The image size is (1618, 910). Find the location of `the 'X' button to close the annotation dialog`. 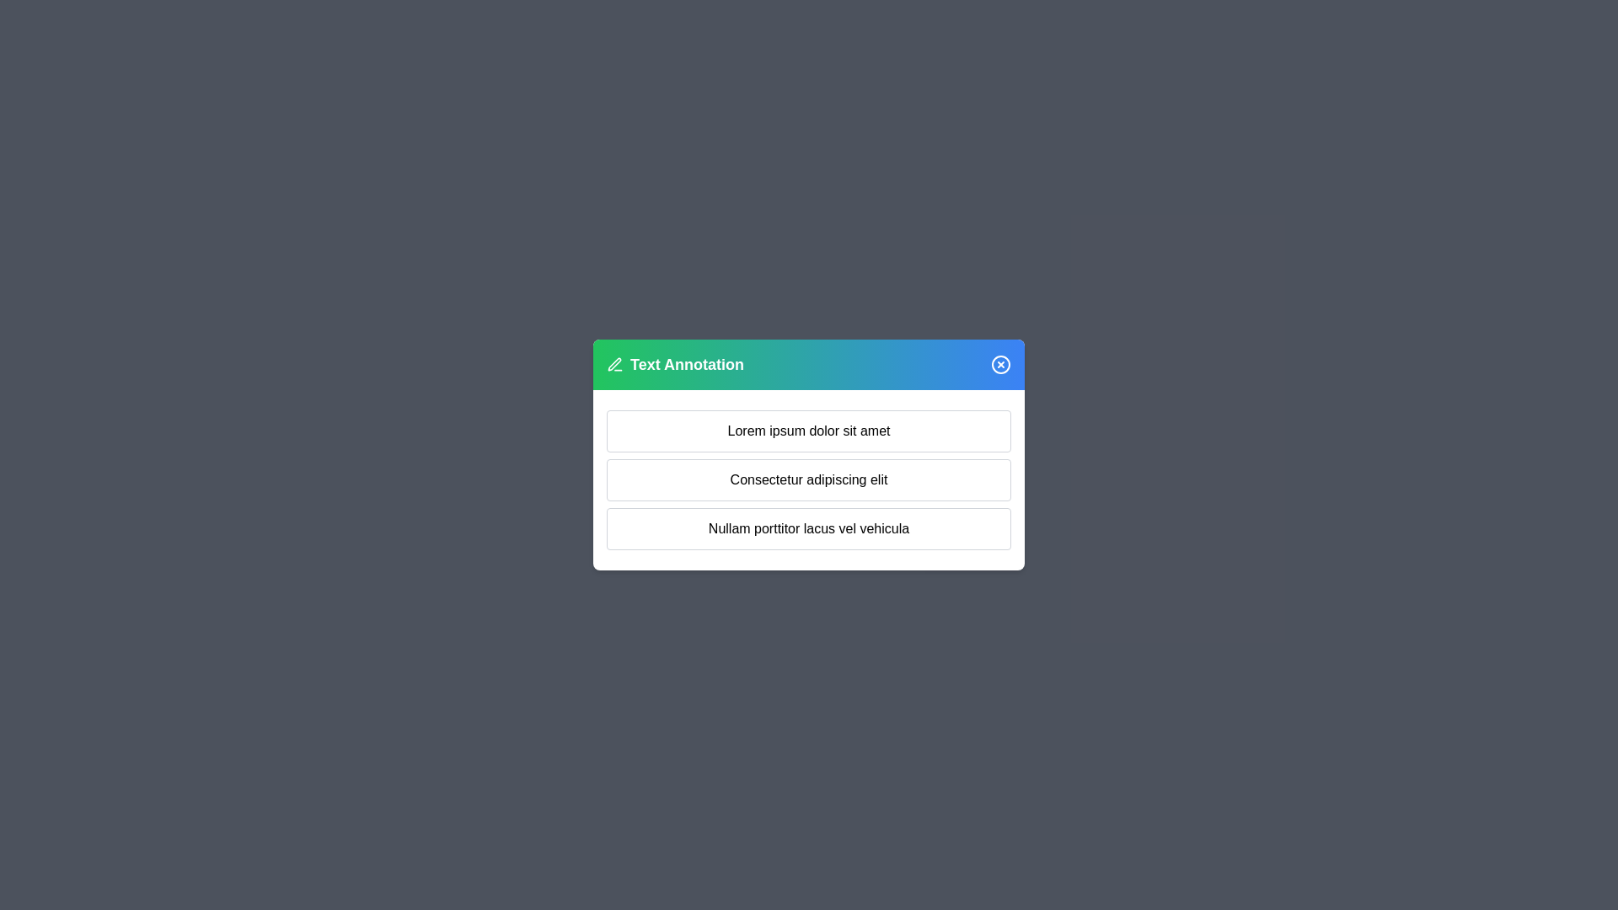

the 'X' button to close the annotation dialog is located at coordinates (1001, 363).